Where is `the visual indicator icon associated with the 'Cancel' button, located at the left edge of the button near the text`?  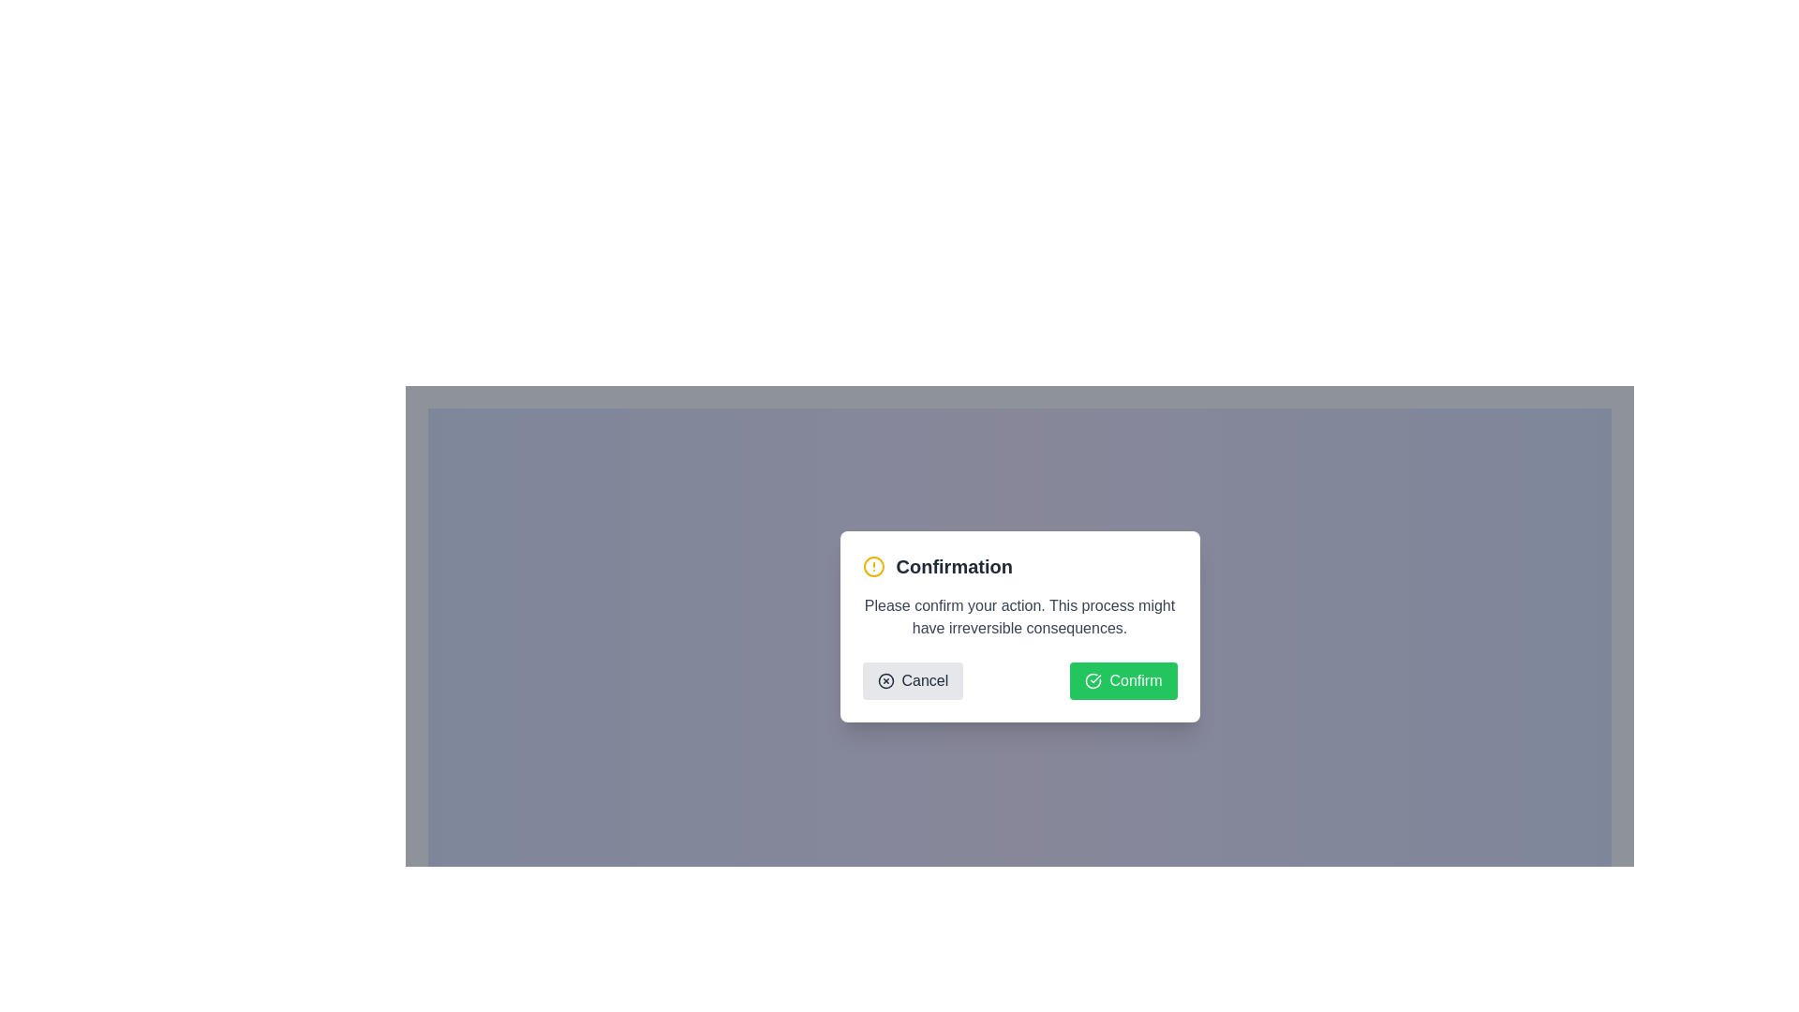 the visual indicator icon associated with the 'Cancel' button, located at the left edge of the button near the text is located at coordinates (885, 680).